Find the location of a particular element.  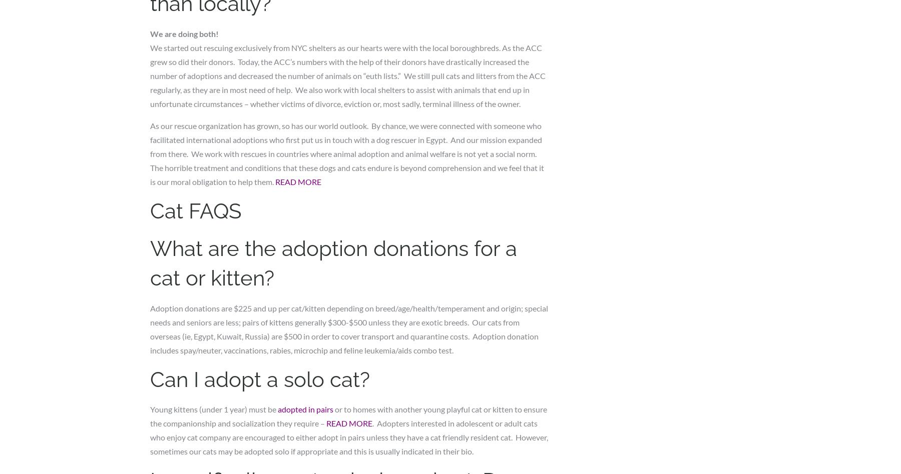

'or to homes with another young playful cat or kitten to ensure the companionship and socialization they require –' is located at coordinates (348, 415).